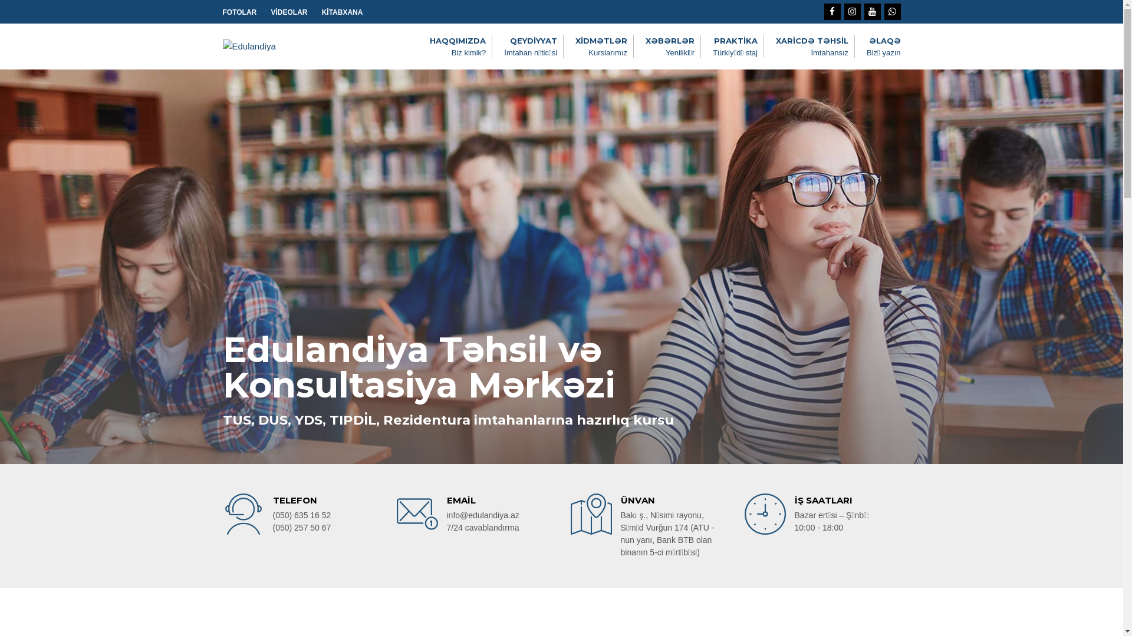 The height and width of the screenshot is (636, 1132). I want to click on '(050) 257 50 67', so click(301, 526).